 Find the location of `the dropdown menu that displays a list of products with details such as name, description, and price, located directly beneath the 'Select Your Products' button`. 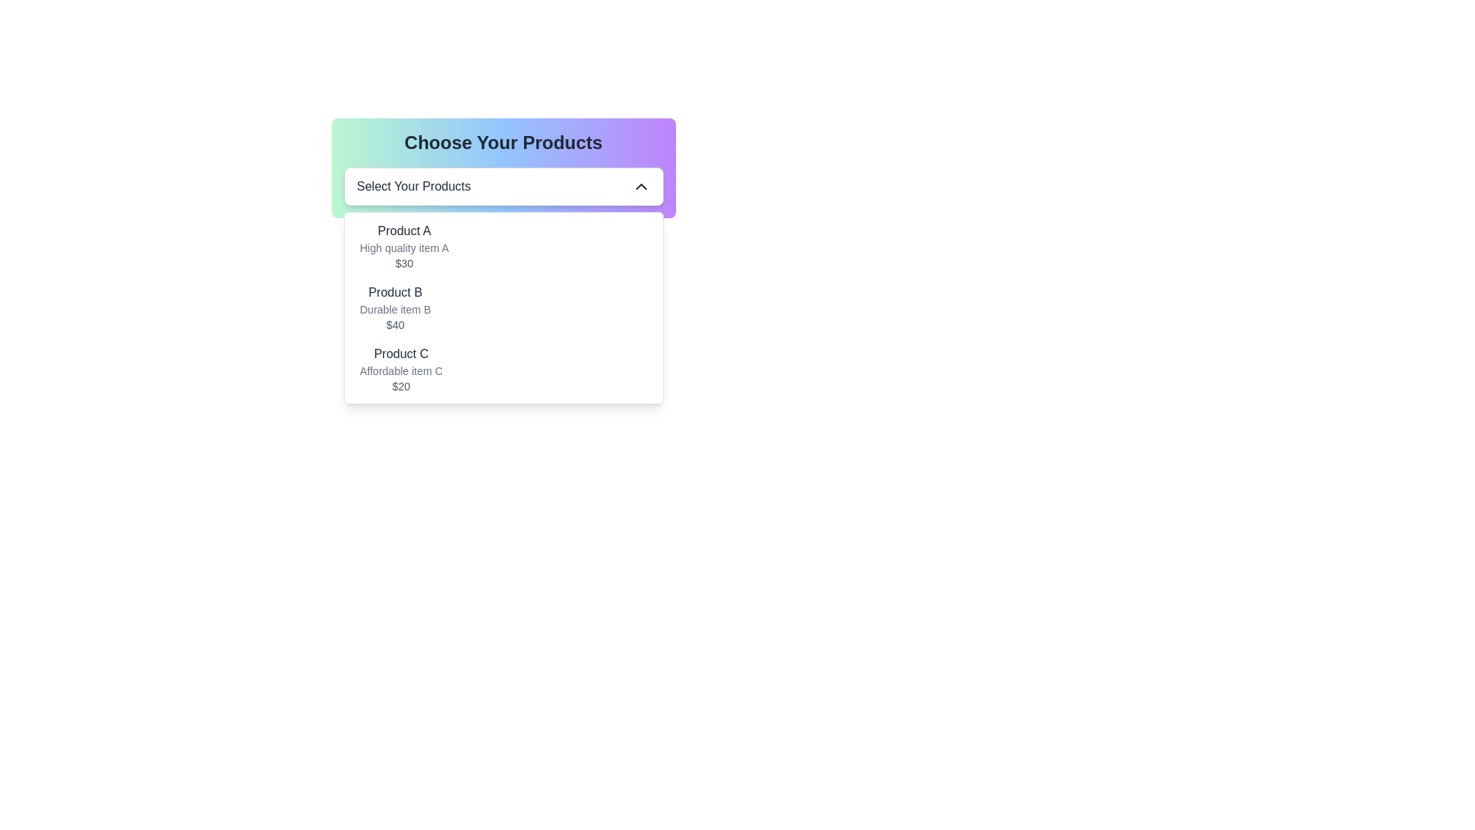

the dropdown menu that displays a list of products with details such as name, description, and price, located directly beneath the 'Select Your Products' button is located at coordinates (503, 308).